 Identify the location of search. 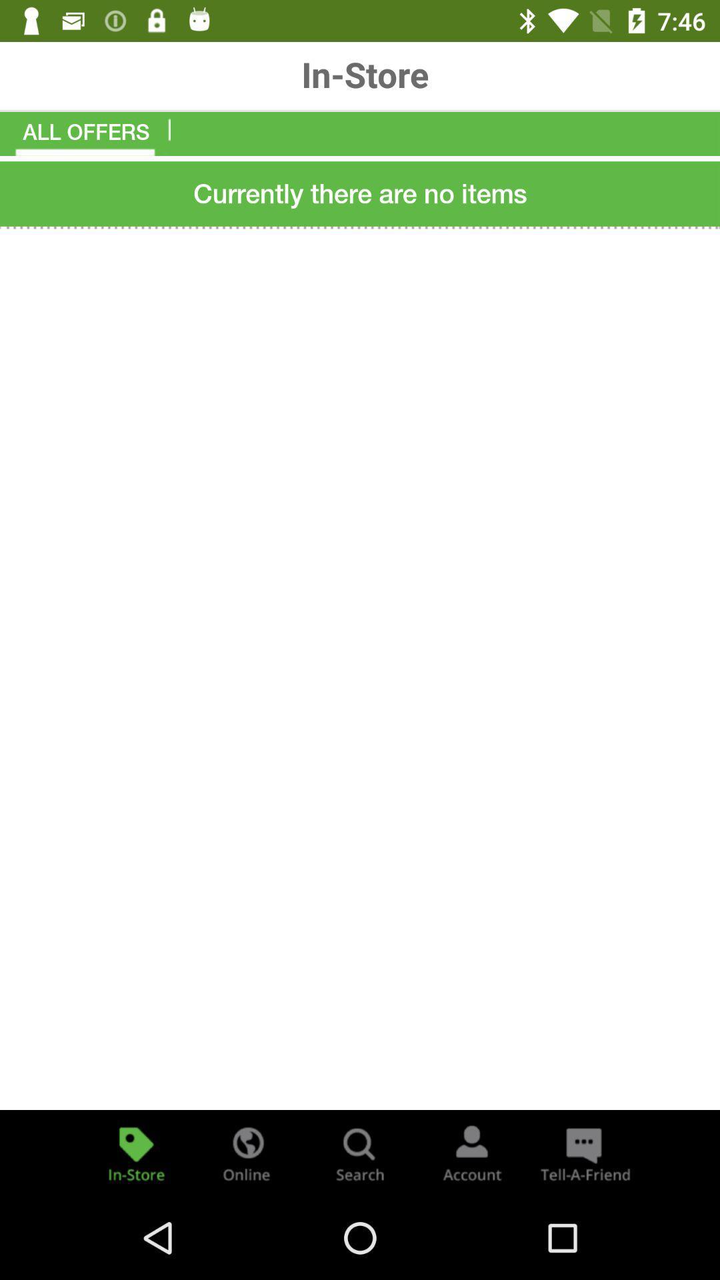
(360, 1152).